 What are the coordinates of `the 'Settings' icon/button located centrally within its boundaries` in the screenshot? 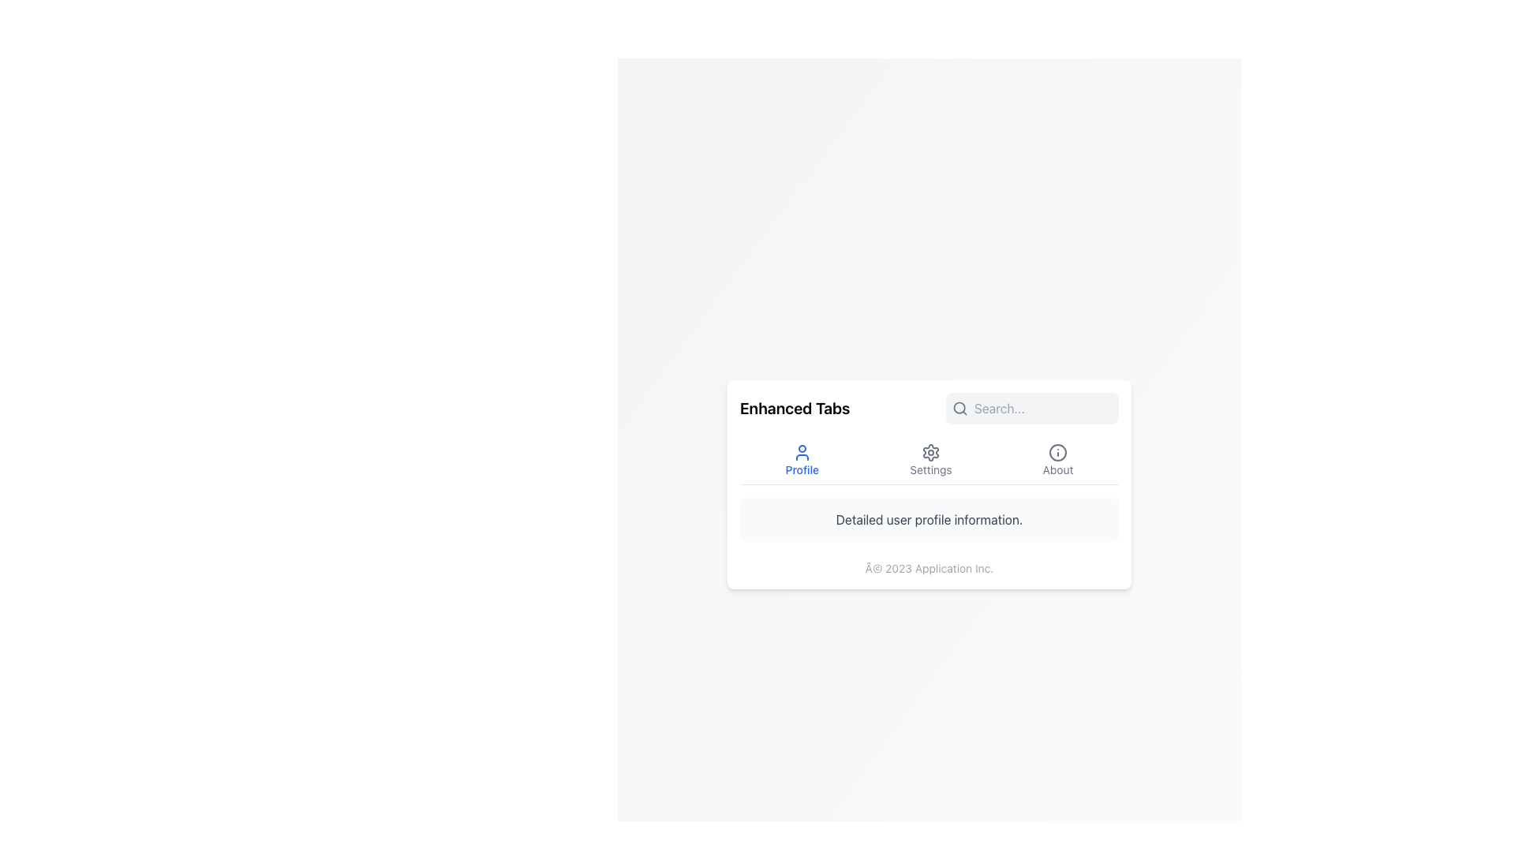 It's located at (930, 452).